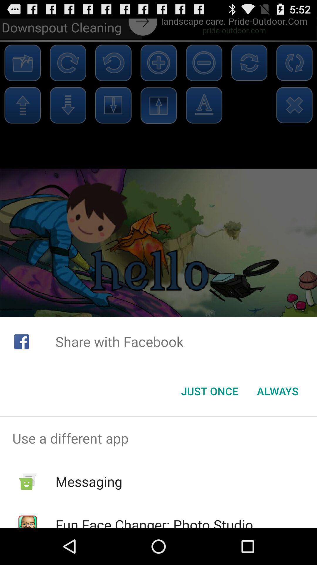 This screenshot has height=565, width=317. I want to click on messaging, so click(89, 481).